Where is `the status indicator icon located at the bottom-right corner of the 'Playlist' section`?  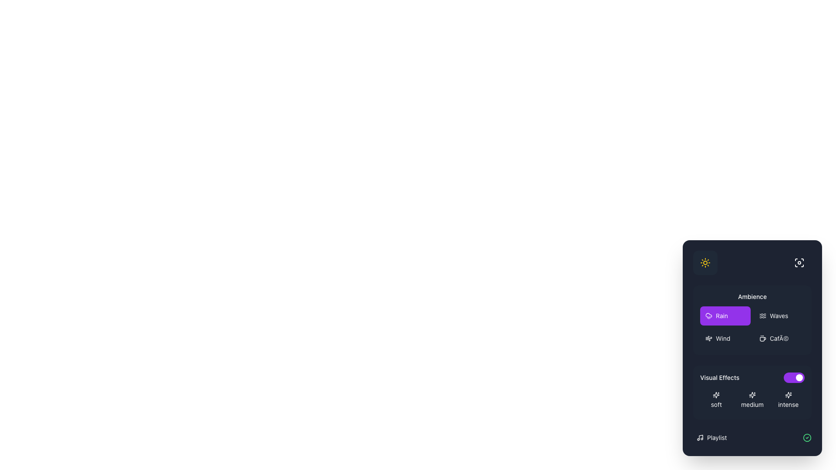 the status indicator icon located at the bottom-right corner of the 'Playlist' section is located at coordinates (806, 438).